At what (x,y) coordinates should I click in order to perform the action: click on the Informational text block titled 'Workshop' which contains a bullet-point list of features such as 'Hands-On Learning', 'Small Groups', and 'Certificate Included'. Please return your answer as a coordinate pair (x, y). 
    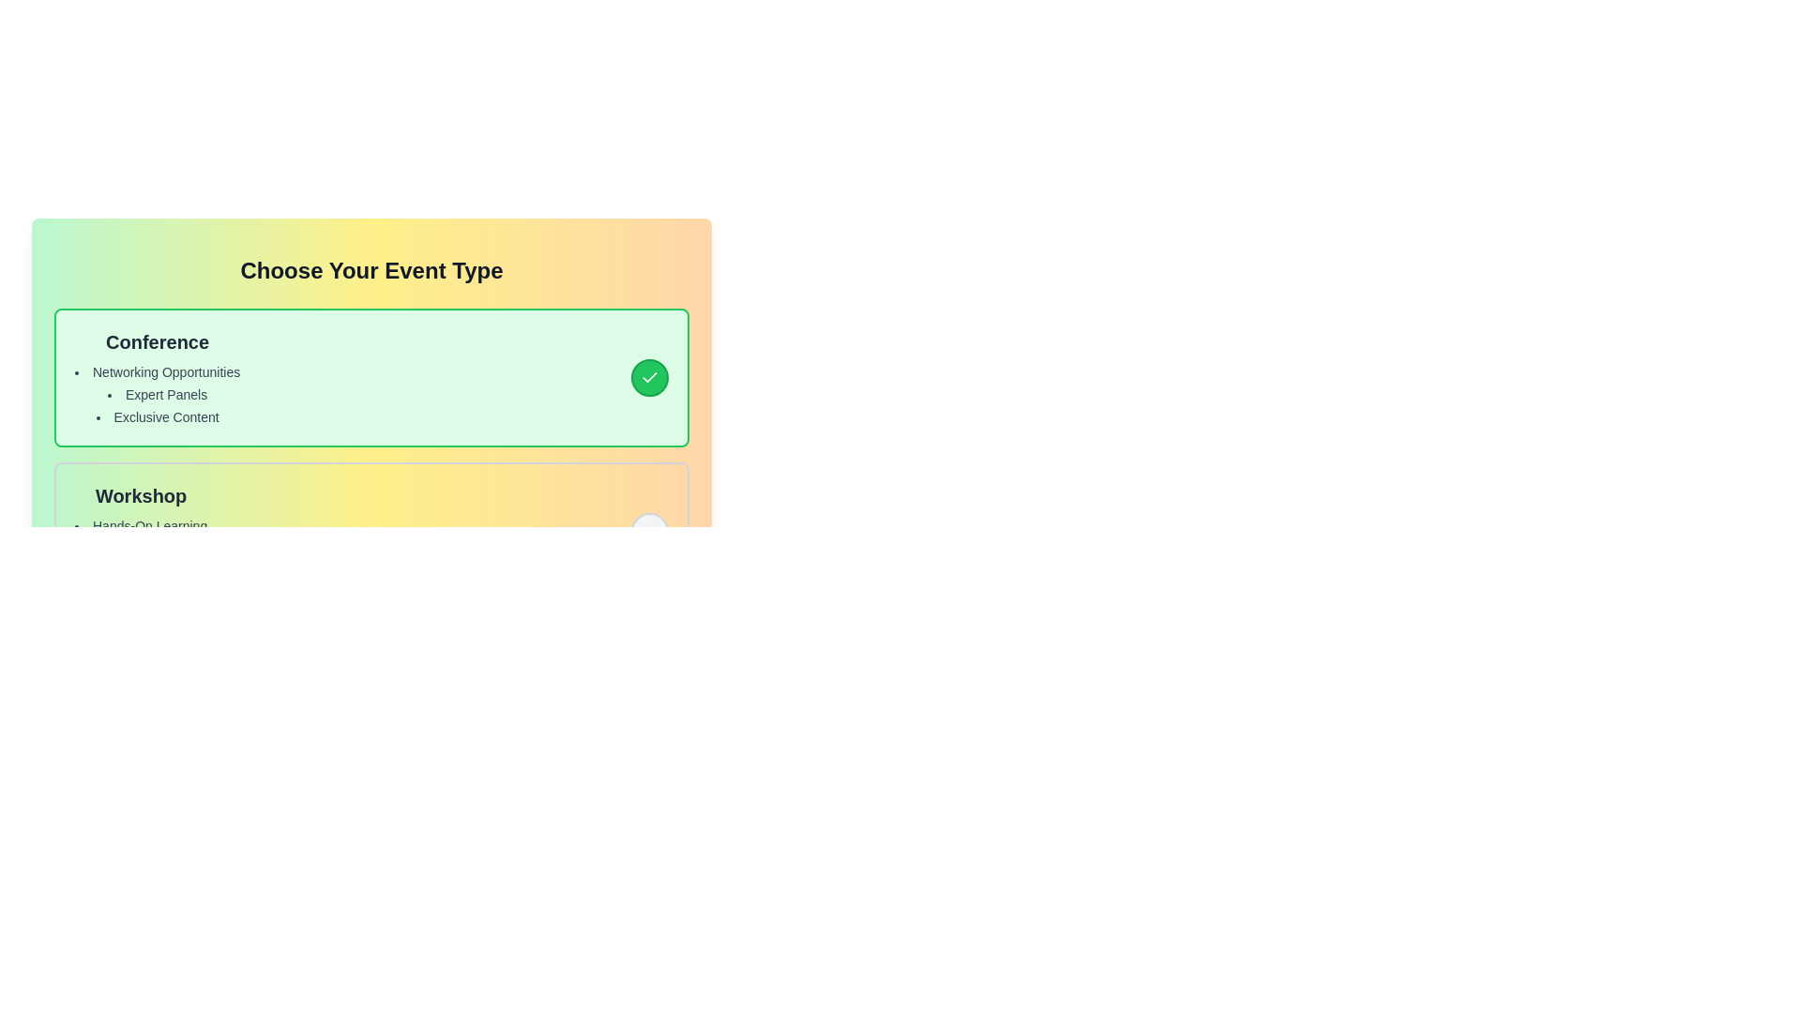
    Looking at the image, I should click on (140, 532).